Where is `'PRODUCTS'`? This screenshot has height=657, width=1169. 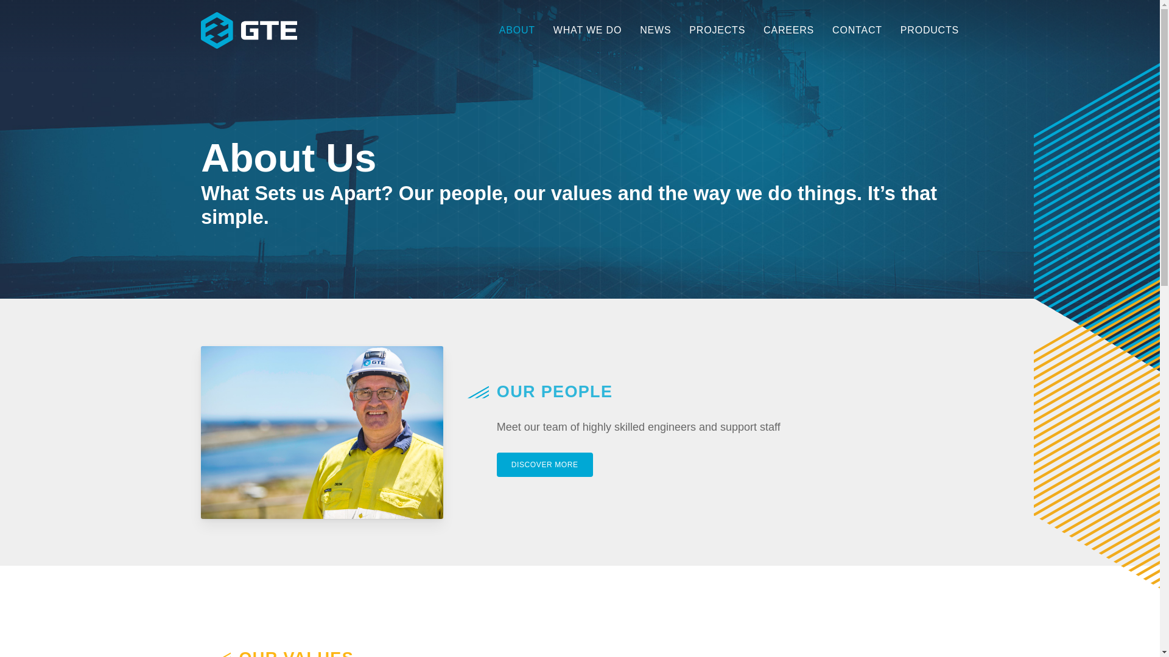 'PRODUCTS' is located at coordinates (925, 30).